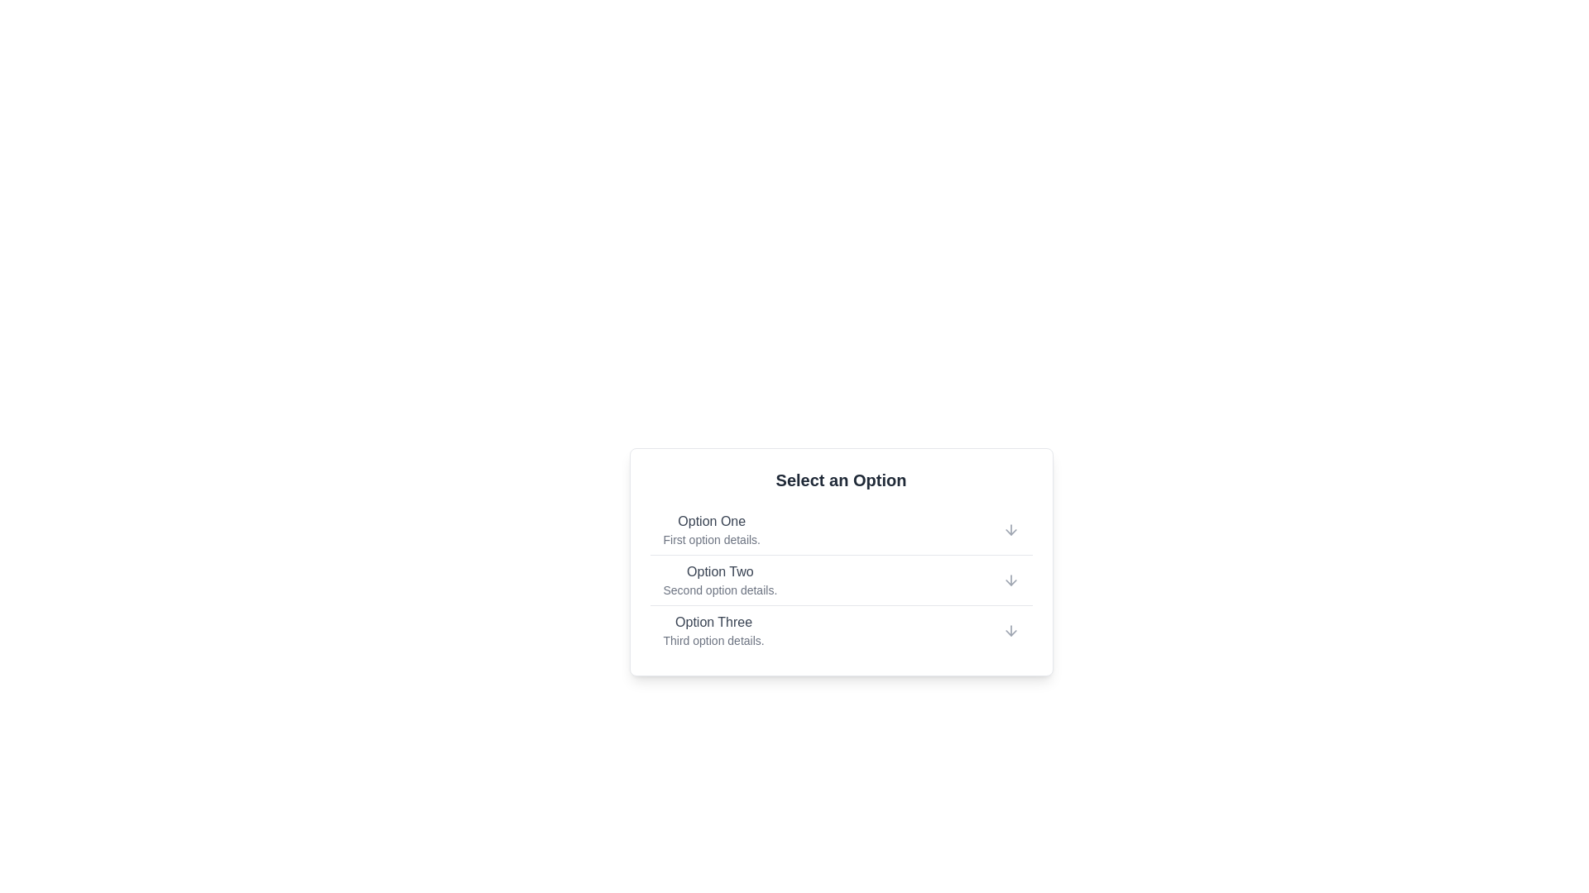 The image size is (1589, 893). What do you see at coordinates (712, 539) in the screenshot?
I see `the text label that reads 'First option details.' which is presented in a small, light-gray font, located directly below the main title 'Option One'` at bounding box center [712, 539].